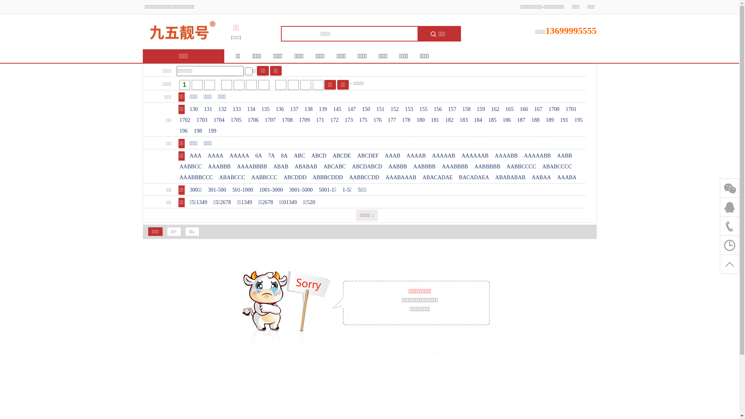  What do you see at coordinates (258, 190) in the screenshot?
I see `'1001-3000'` at bounding box center [258, 190].